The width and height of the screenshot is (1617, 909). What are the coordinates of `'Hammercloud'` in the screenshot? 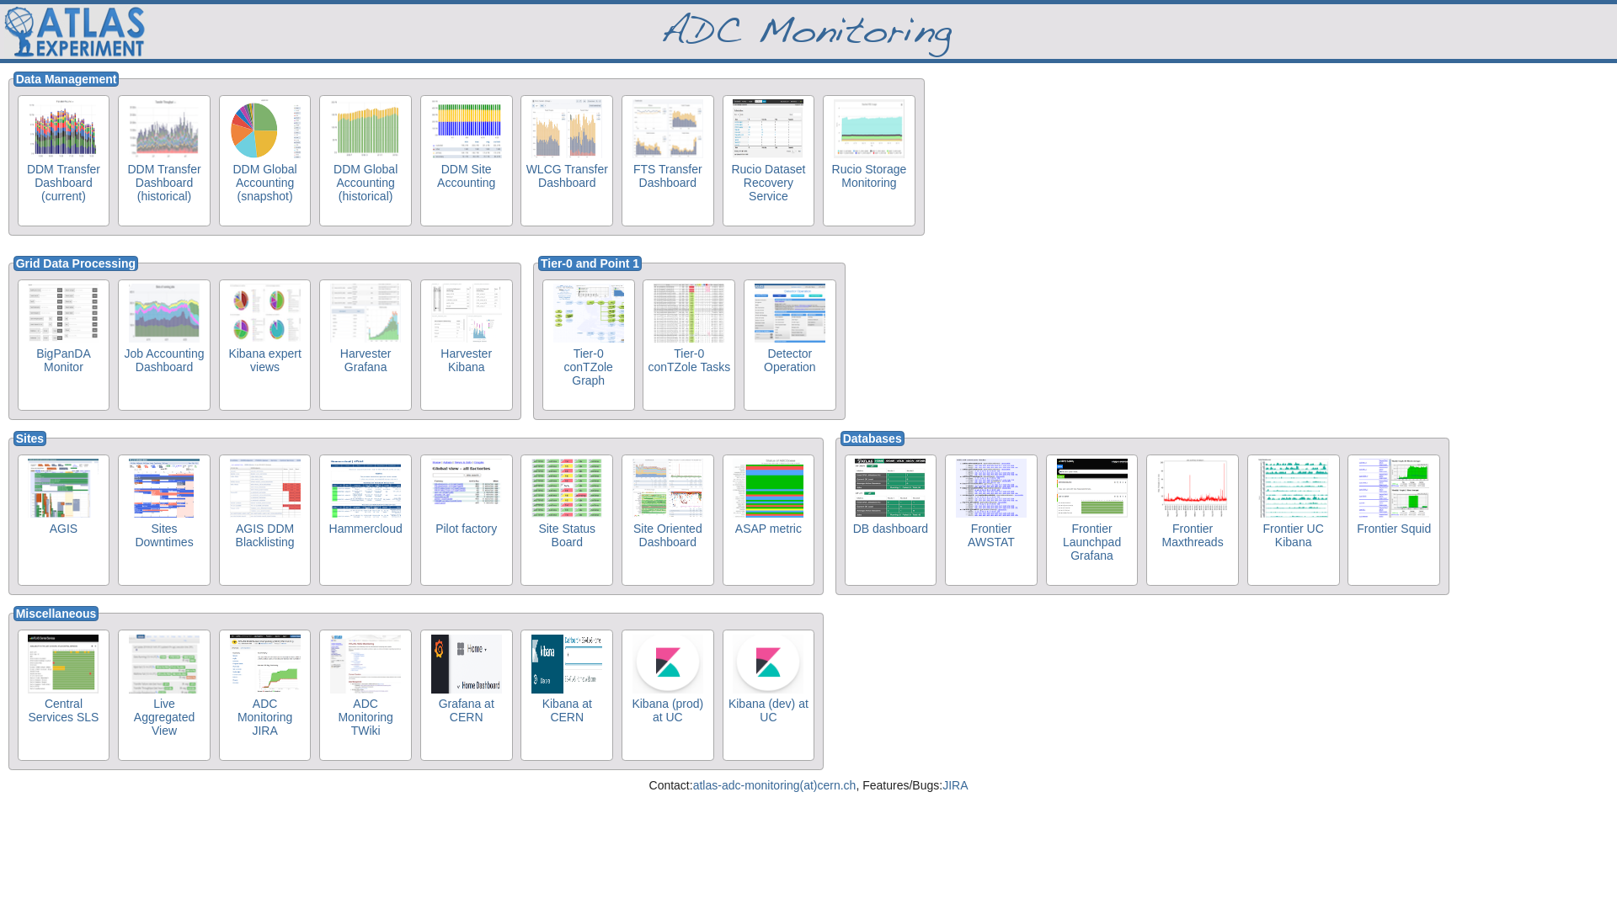 It's located at (364, 518).